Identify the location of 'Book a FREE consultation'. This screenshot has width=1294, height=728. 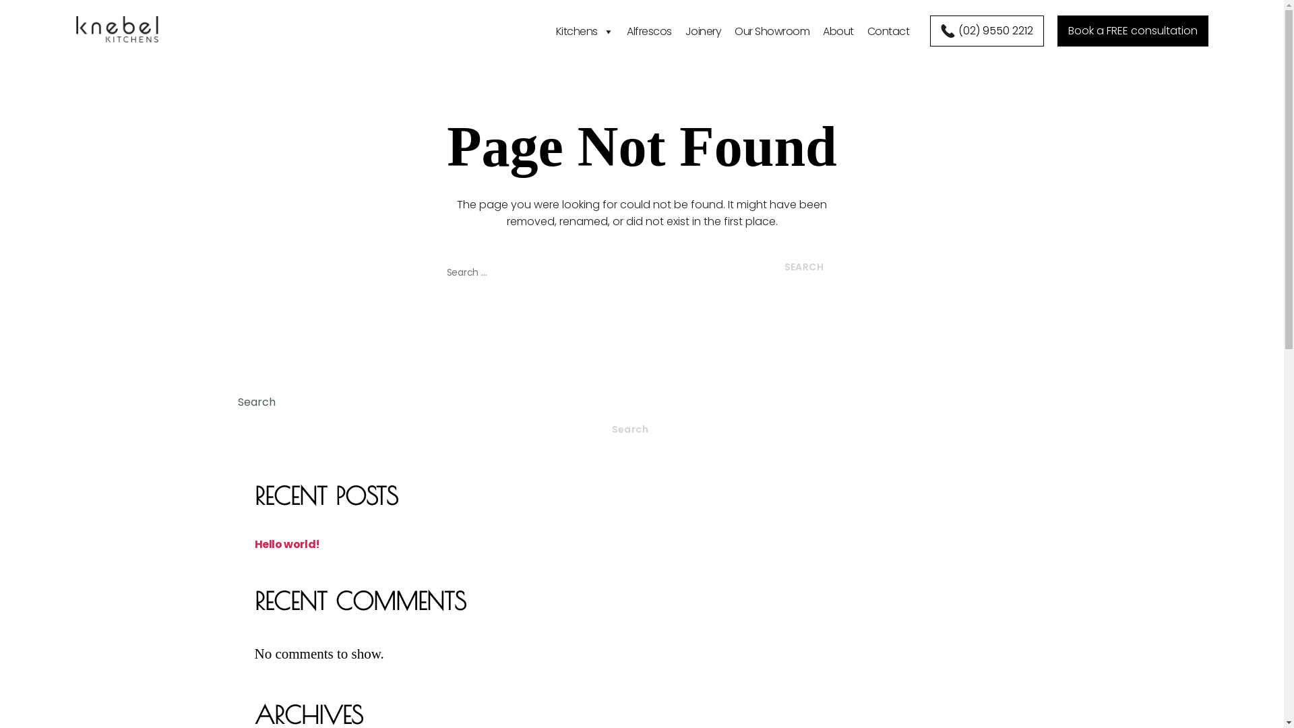
(1132, 30).